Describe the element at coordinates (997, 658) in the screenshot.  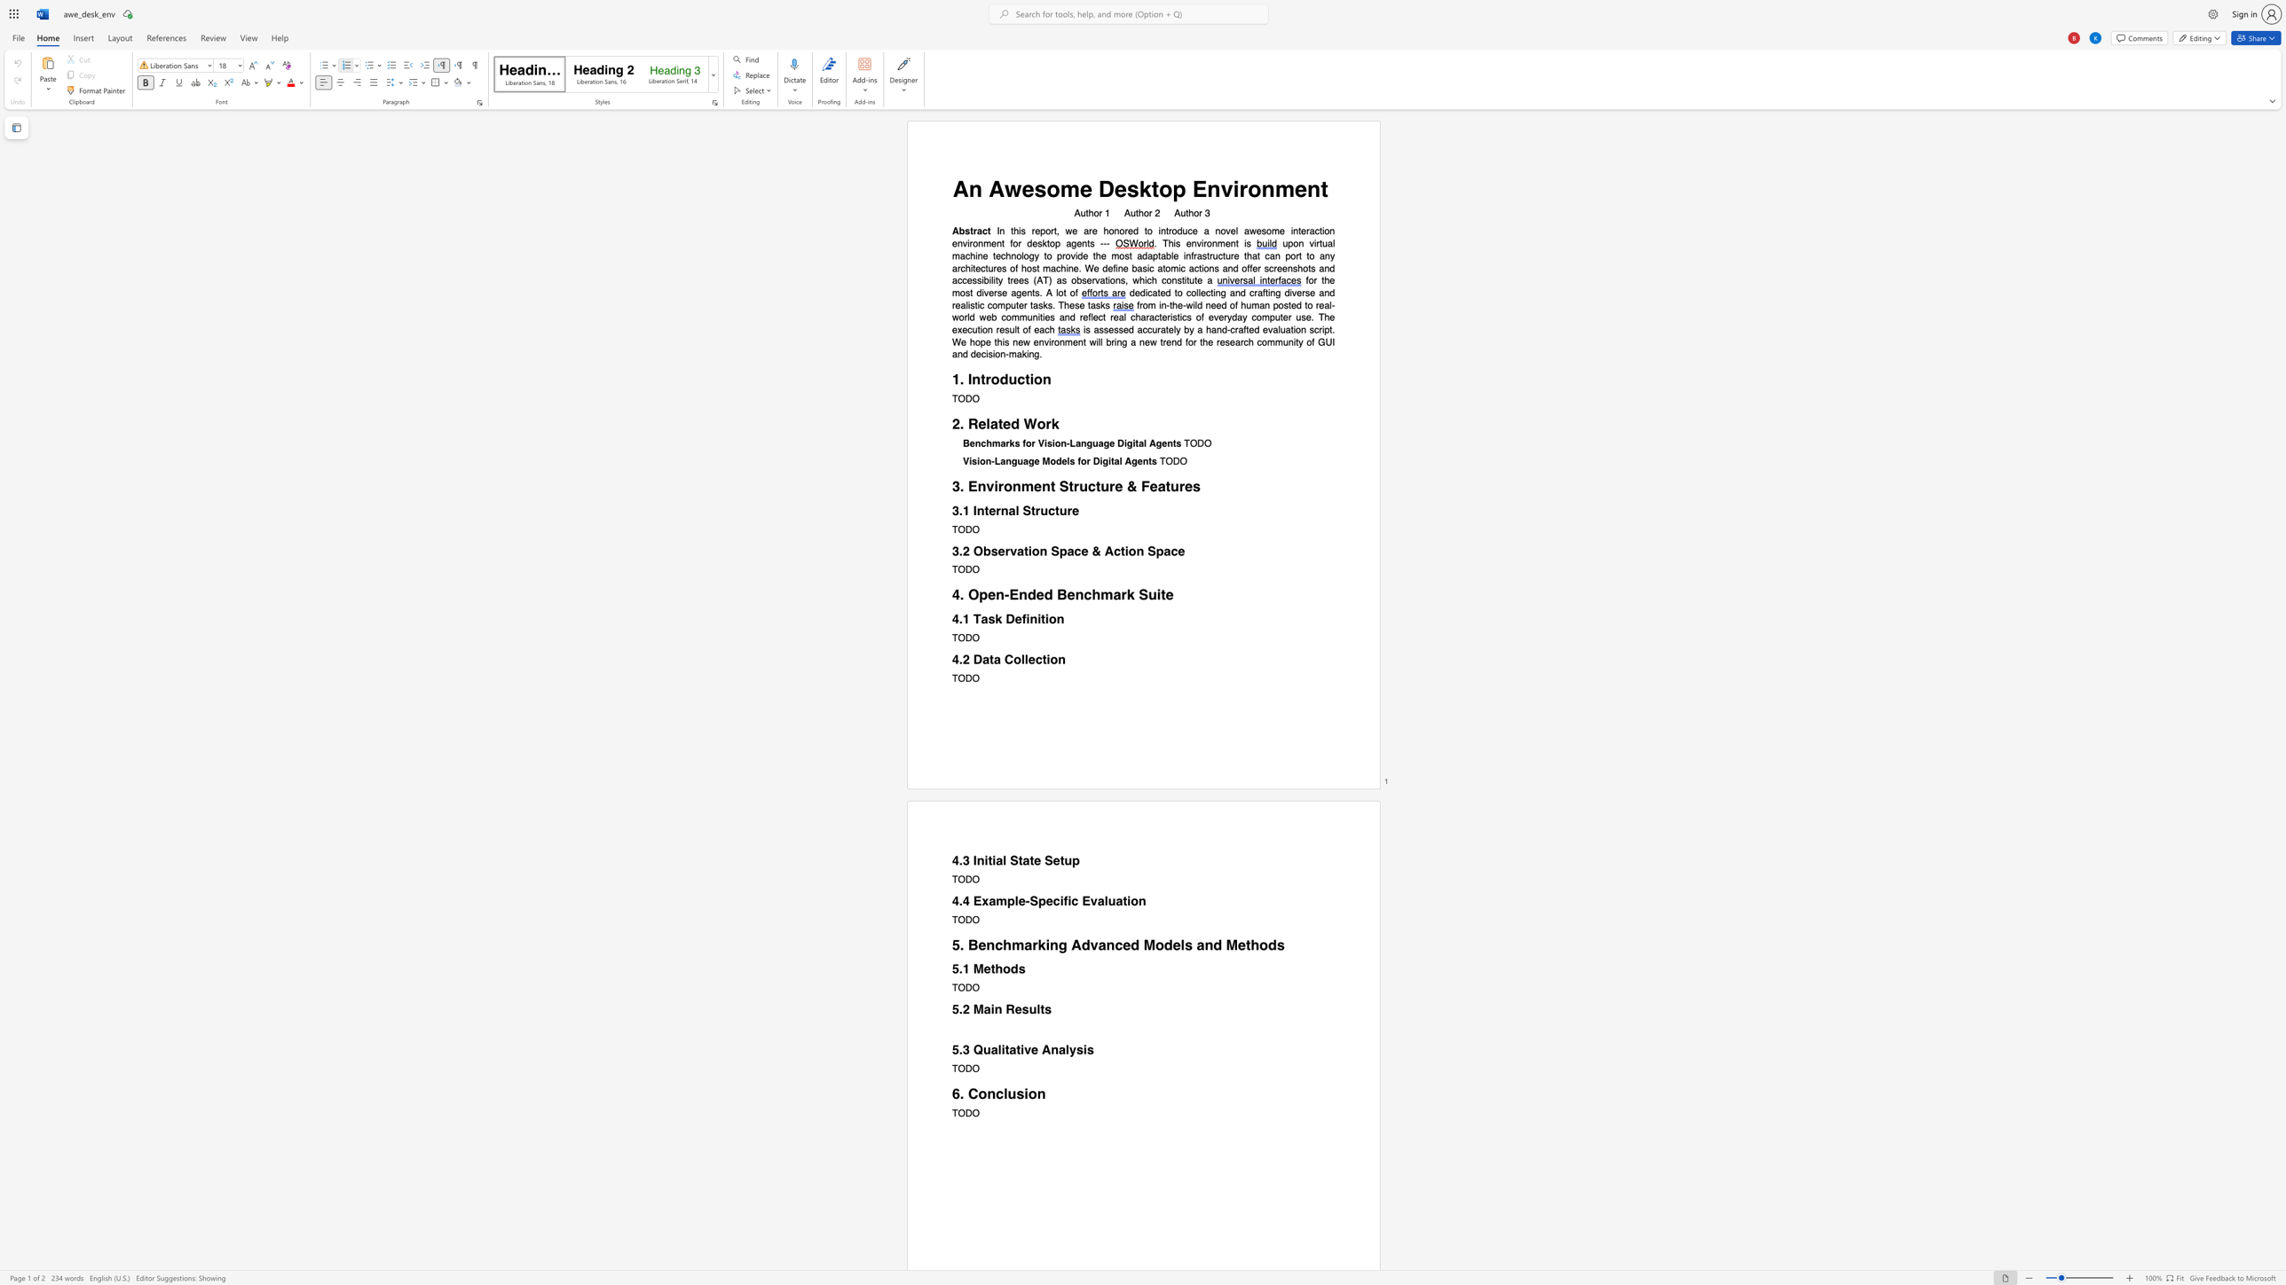
I see `the 2th character "a" in the text` at that location.